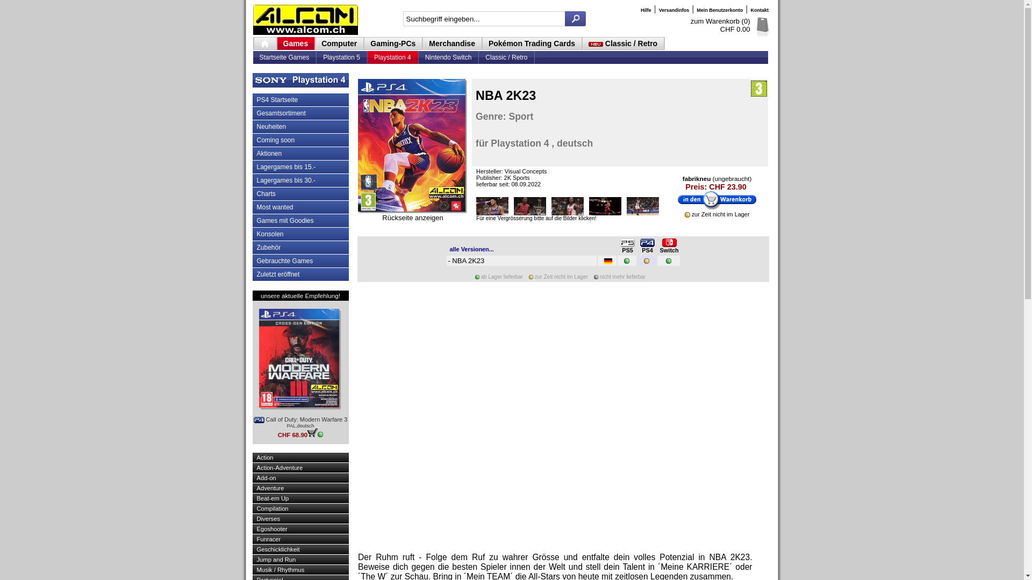 The width and height of the screenshot is (1032, 580). I want to click on 'Gaming-PCs', so click(392, 43).